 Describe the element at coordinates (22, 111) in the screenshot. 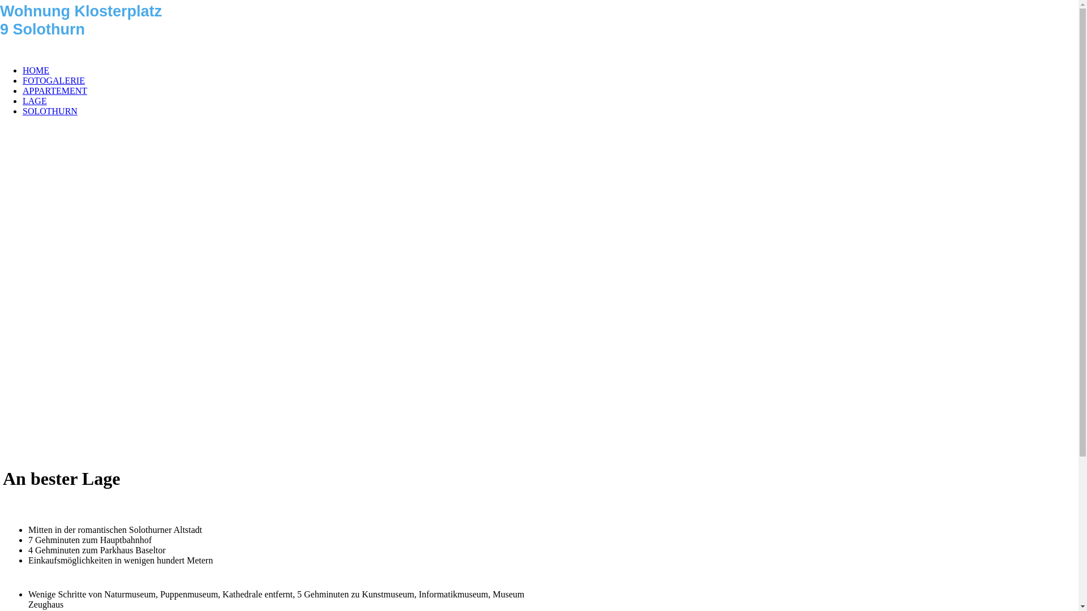

I see `'SOLOTHURN'` at that location.